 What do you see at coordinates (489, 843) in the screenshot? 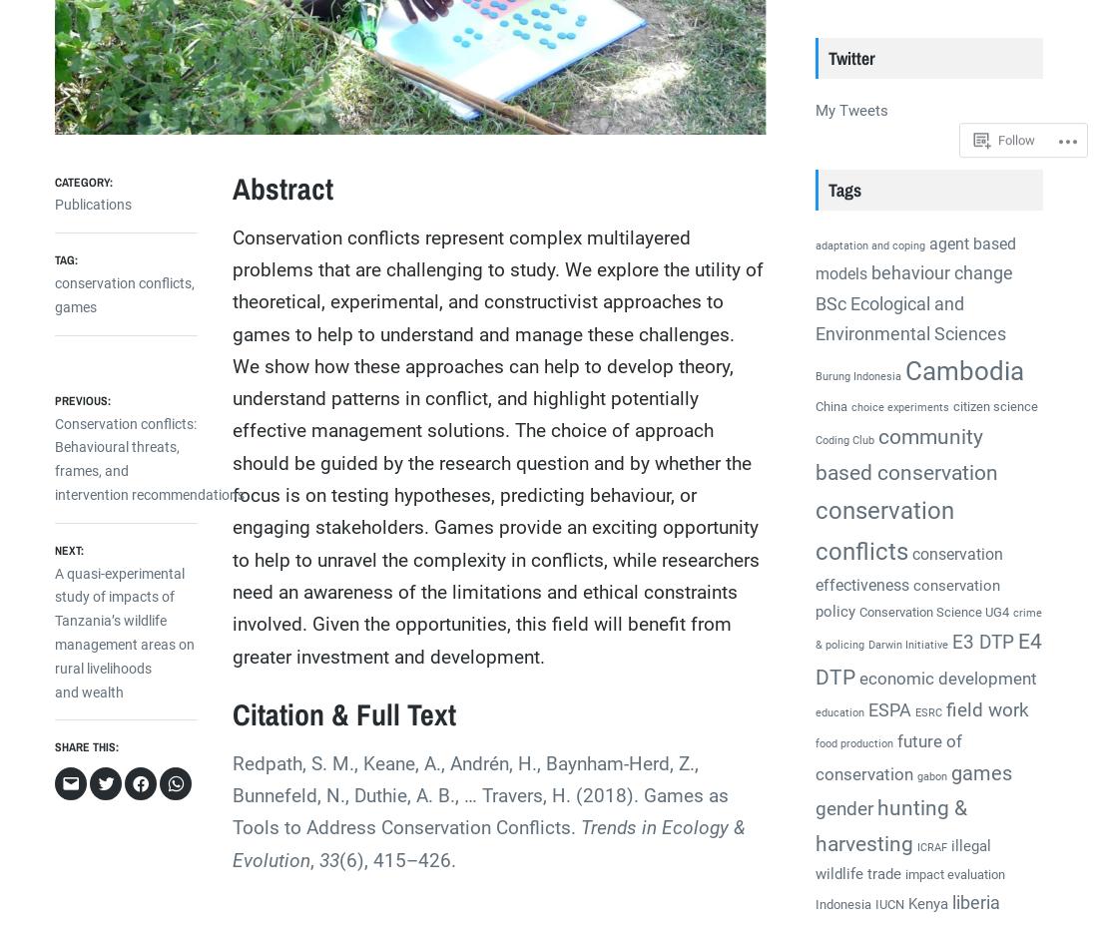
I see `'Trends in Ecology & Evolution'` at bounding box center [489, 843].